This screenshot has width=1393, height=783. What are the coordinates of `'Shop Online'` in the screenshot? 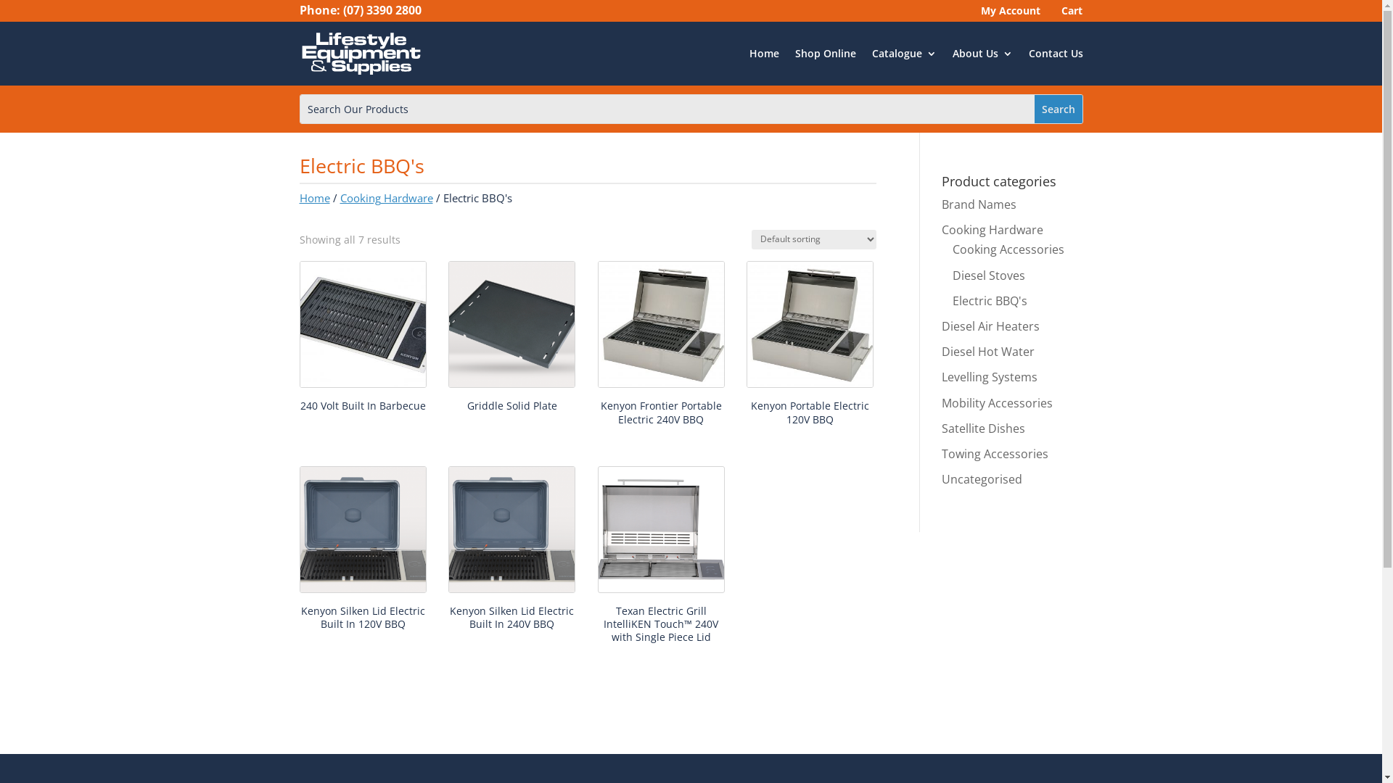 It's located at (825, 52).